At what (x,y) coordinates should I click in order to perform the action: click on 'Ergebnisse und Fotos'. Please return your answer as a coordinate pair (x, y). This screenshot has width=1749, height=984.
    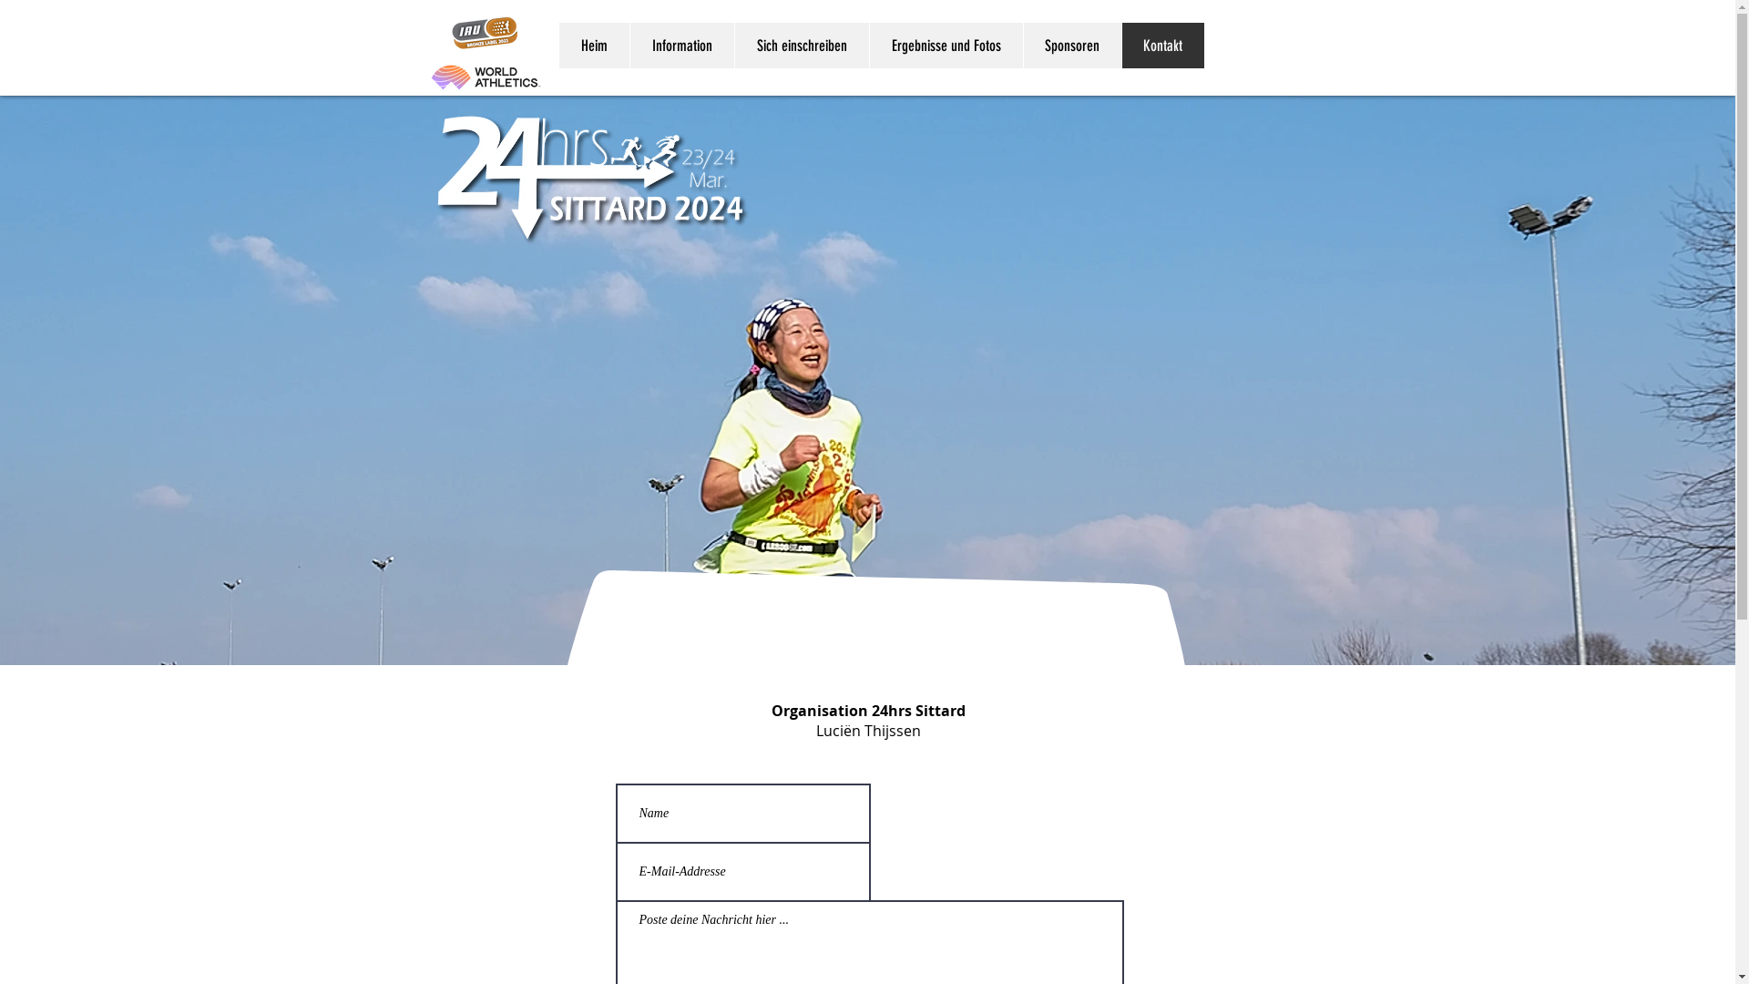
    Looking at the image, I should click on (946, 45).